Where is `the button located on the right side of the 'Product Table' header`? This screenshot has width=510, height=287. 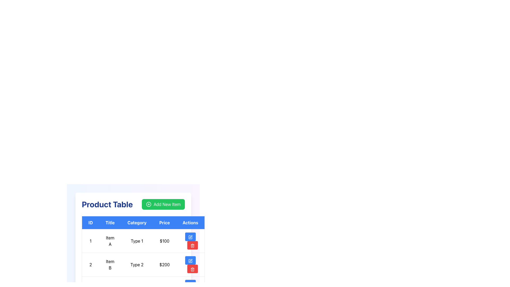 the button located on the right side of the 'Product Table' header is located at coordinates (163, 204).